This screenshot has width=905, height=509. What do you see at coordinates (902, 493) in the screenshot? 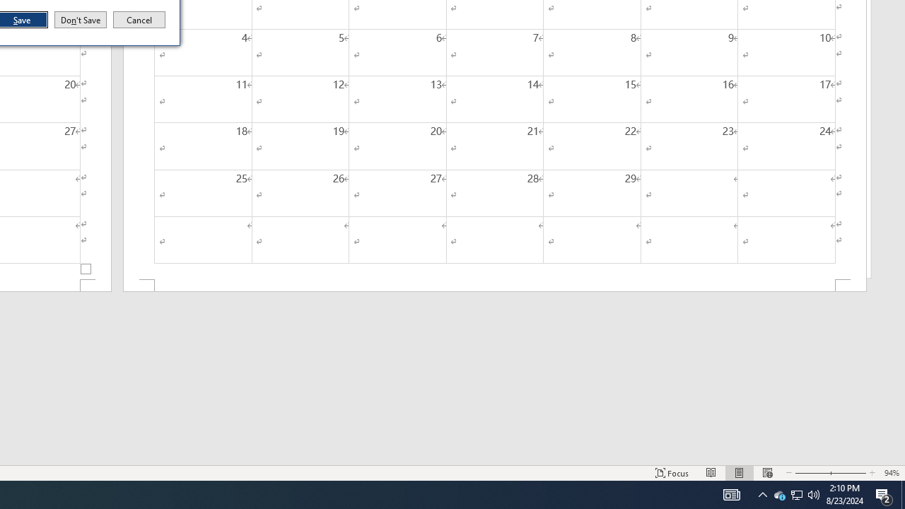
I see `'Show desktop'` at bounding box center [902, 493].